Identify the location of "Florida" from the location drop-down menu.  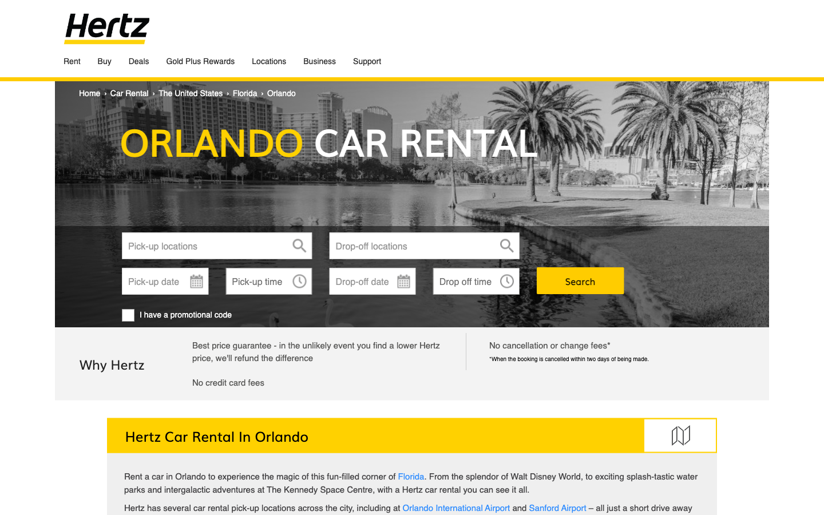
(216, 245).